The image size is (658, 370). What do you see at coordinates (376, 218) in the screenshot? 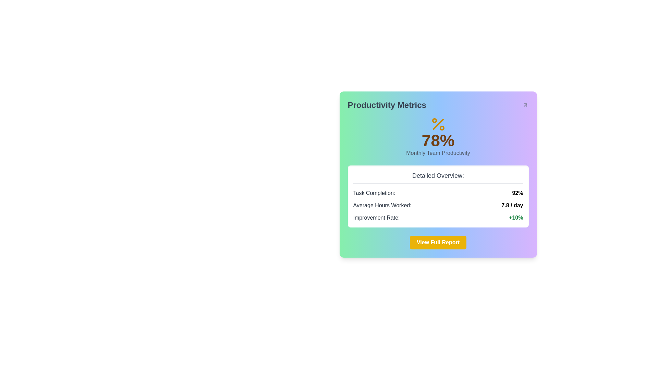
I see `the Text label that describes the improvement rate, located within the 'Detailed Overview:' card, to the left of the green '+10%' value under 'Average Hours Worked:'` at bounding box center [376, 218].